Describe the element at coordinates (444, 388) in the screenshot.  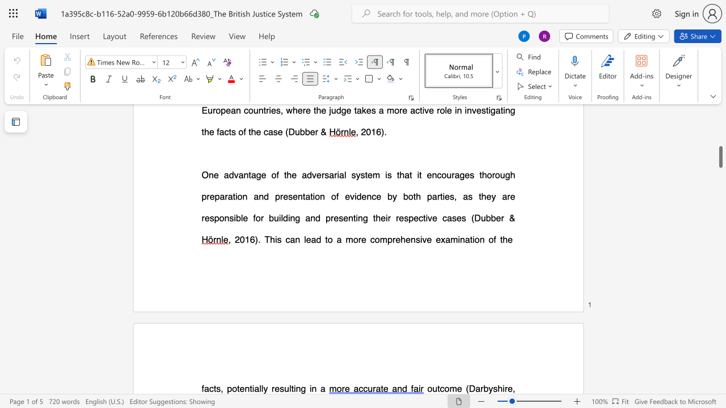
I see `the space between the continuous character "c" and "o" in the text` at that location.